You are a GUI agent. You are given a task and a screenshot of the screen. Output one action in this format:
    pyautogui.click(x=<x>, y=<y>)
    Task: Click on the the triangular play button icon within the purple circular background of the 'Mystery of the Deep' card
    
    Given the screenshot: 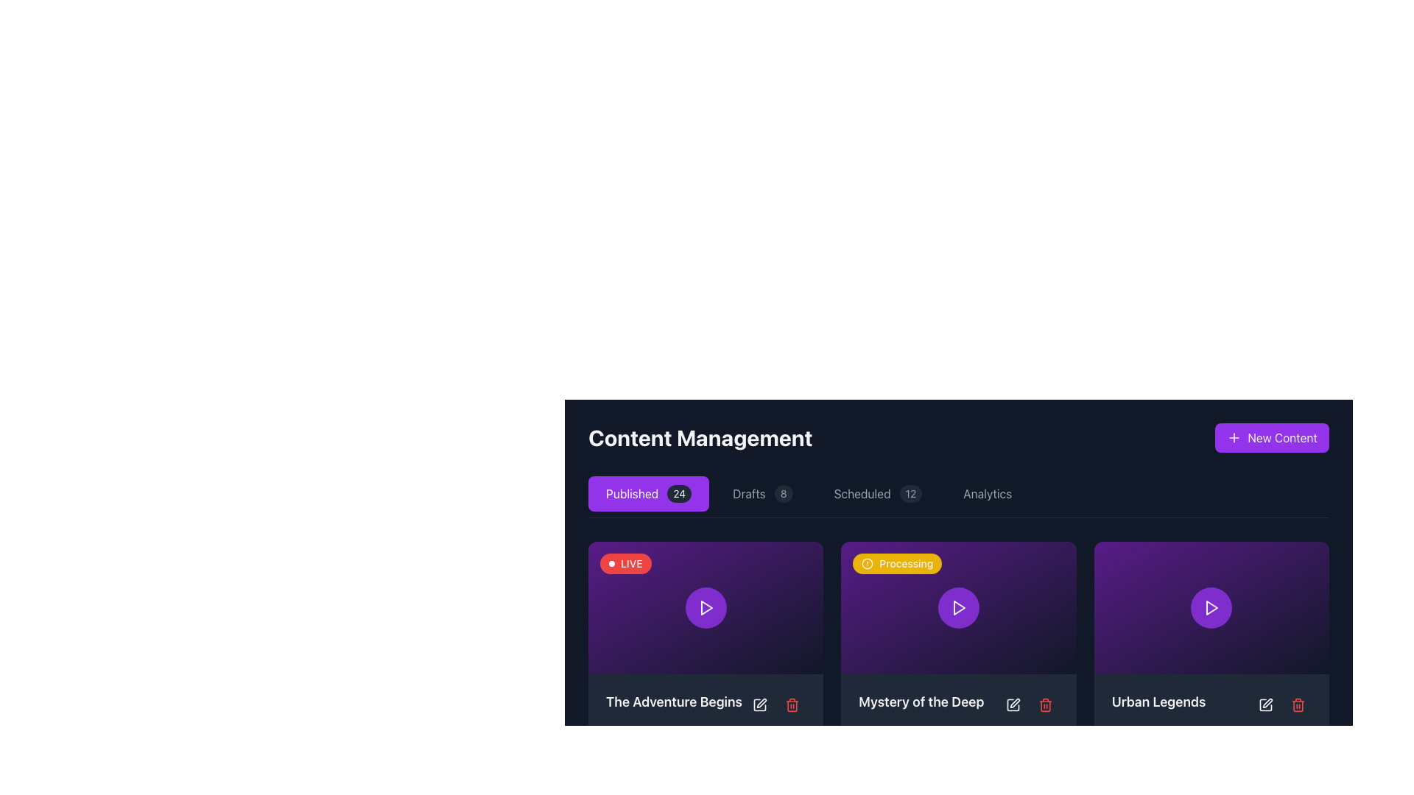 What is the action you would take?
    pyautogui.click(x=959, y=607)
    